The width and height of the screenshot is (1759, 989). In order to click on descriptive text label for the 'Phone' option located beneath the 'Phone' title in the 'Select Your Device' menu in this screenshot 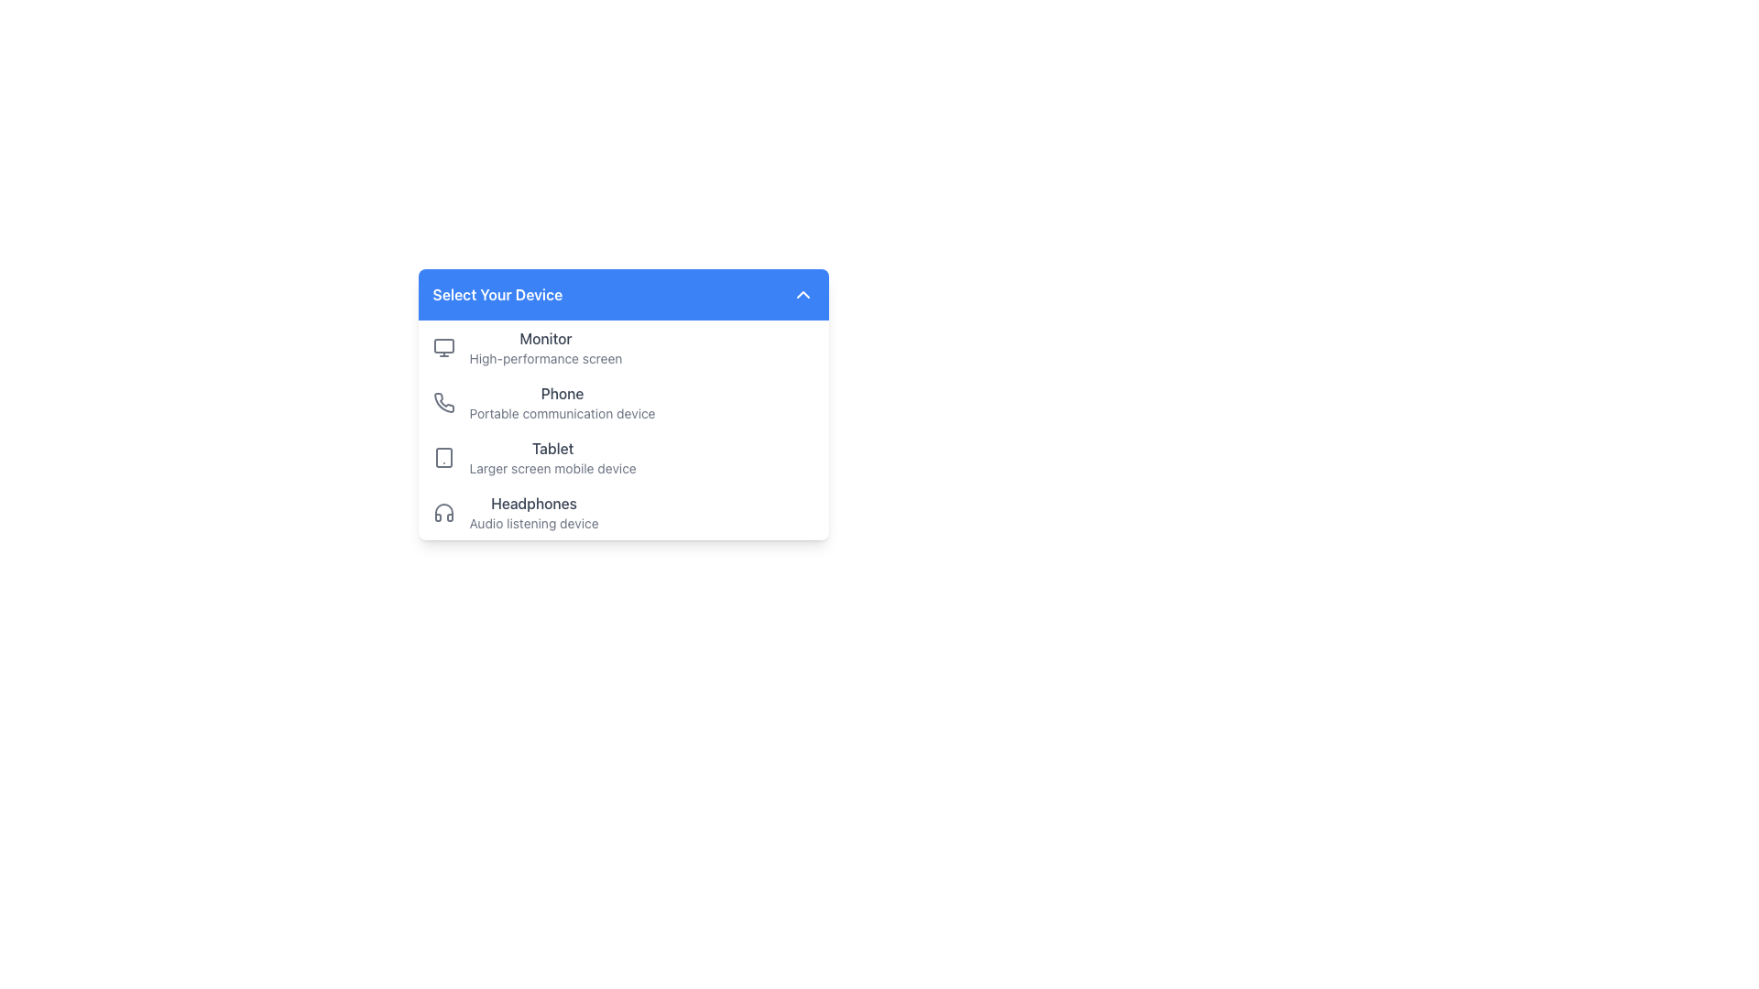, I will do `click(562, 413)`.